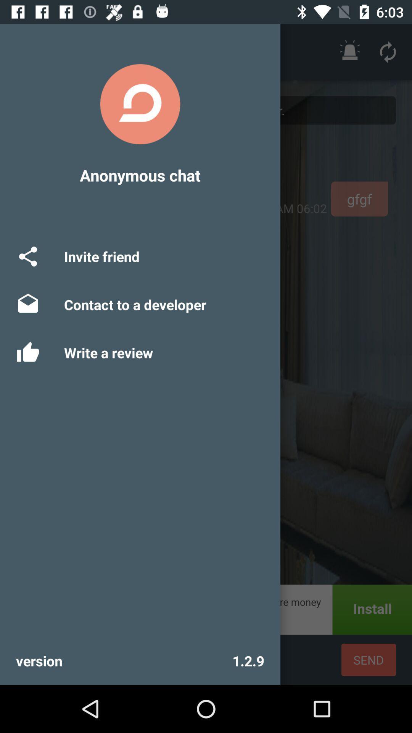 The height and width of the screenshot is (733, 412). I want to click on the icon which is beside the text contact to developer, so click(27, 304).